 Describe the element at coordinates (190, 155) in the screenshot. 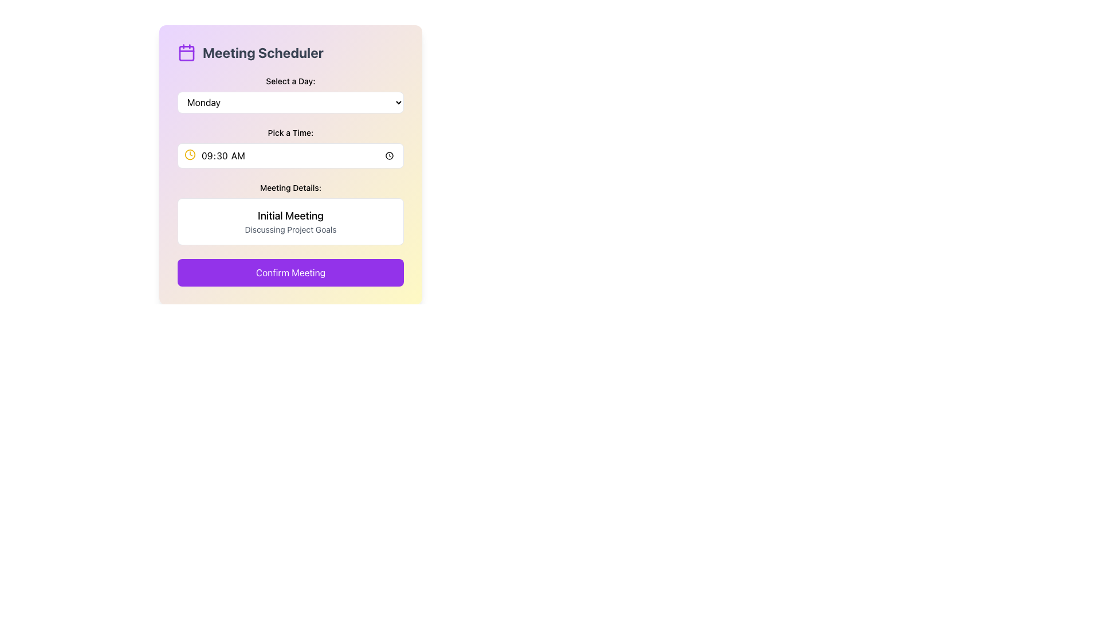

I see `the clock icon, which is centered in the 'Pick a Time' section of the Meeting Scheduler interface` at that location.